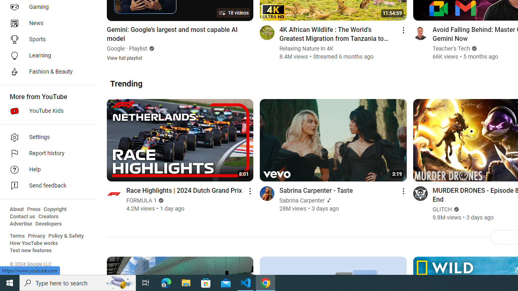 The image size is (518, 291). I want to click on 'Verified', so click(455, 209).